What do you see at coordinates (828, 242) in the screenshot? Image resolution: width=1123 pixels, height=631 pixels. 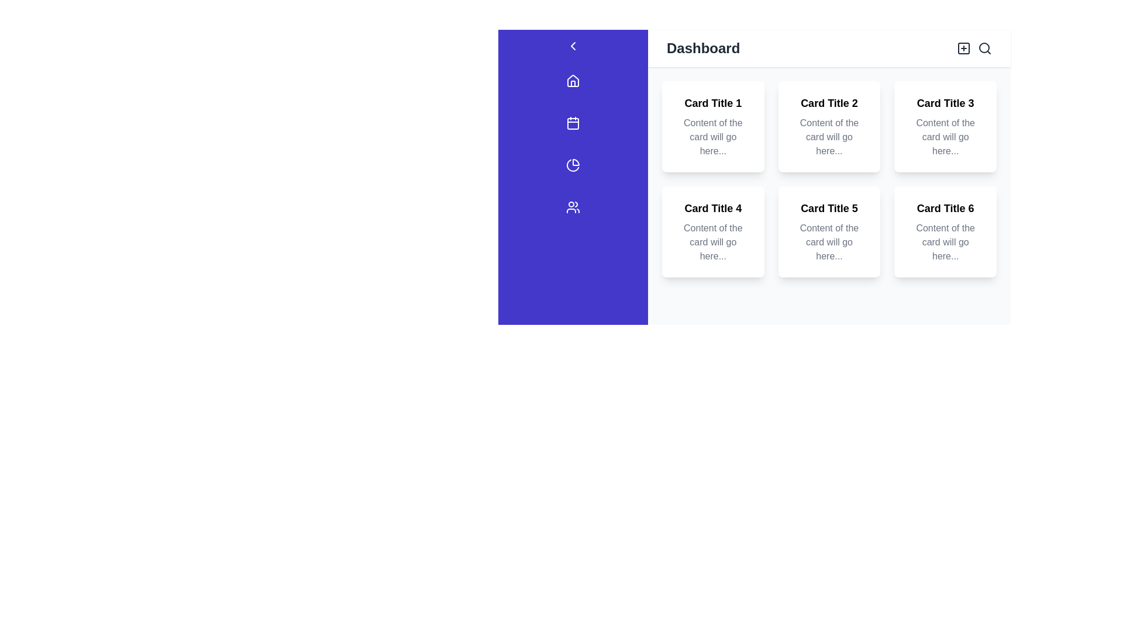 I see `the static text block that reads 'Content of the card will go here...' styled in gray font, located directly below 'Card Title 5' in the card layout` at bounding box center [828, 242].